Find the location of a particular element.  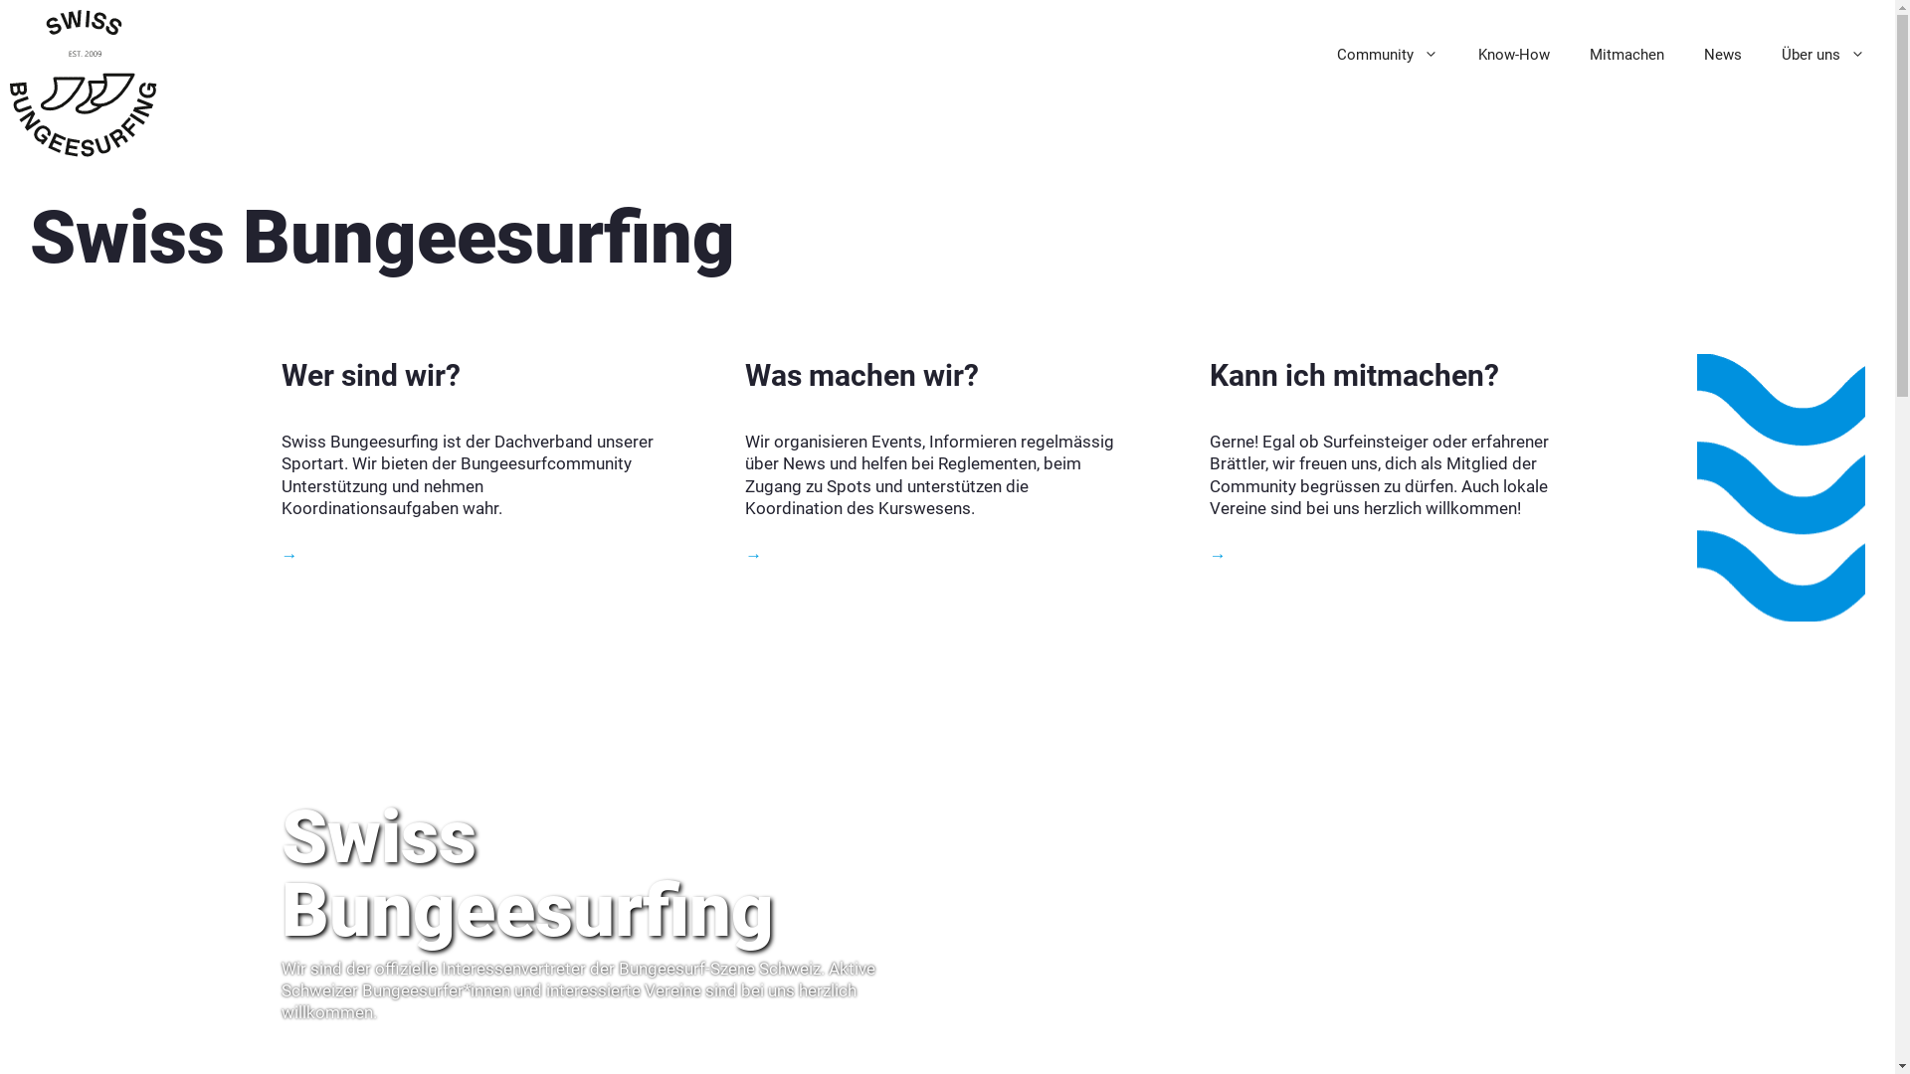

'News' is located at coordinates (1683, 53).